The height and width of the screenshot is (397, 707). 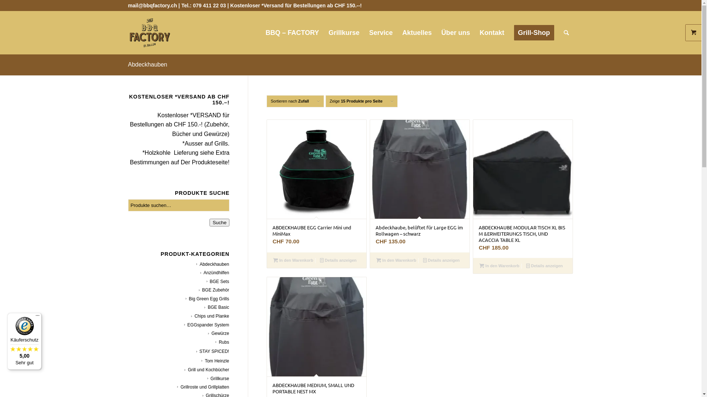 What do you see at coordinates (534, 32) in the screenshot?
I see `'Grill-Shop'` at bounding box center [534, 32].